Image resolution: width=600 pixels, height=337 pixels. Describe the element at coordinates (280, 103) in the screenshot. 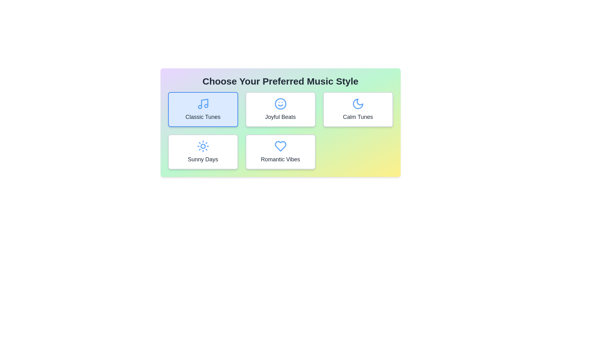

I see `the 'Joyful Beats' icon located at the center-top of the 'Joyful Beats' card in the grid of card options` at that location.